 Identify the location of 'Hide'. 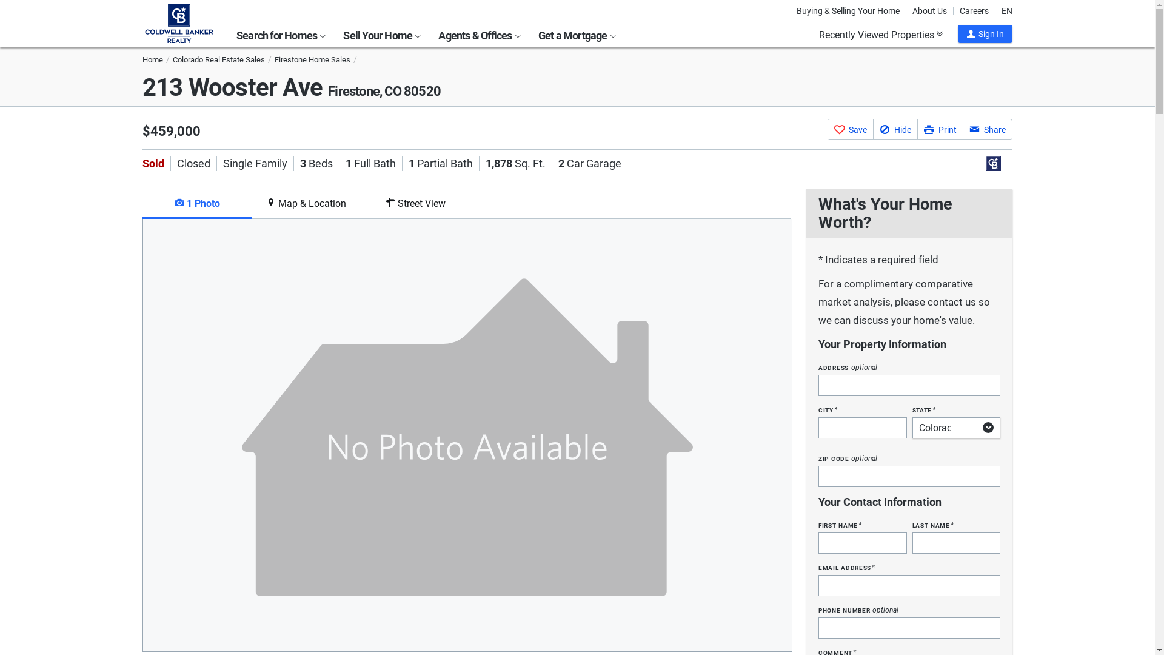
(895, 129).